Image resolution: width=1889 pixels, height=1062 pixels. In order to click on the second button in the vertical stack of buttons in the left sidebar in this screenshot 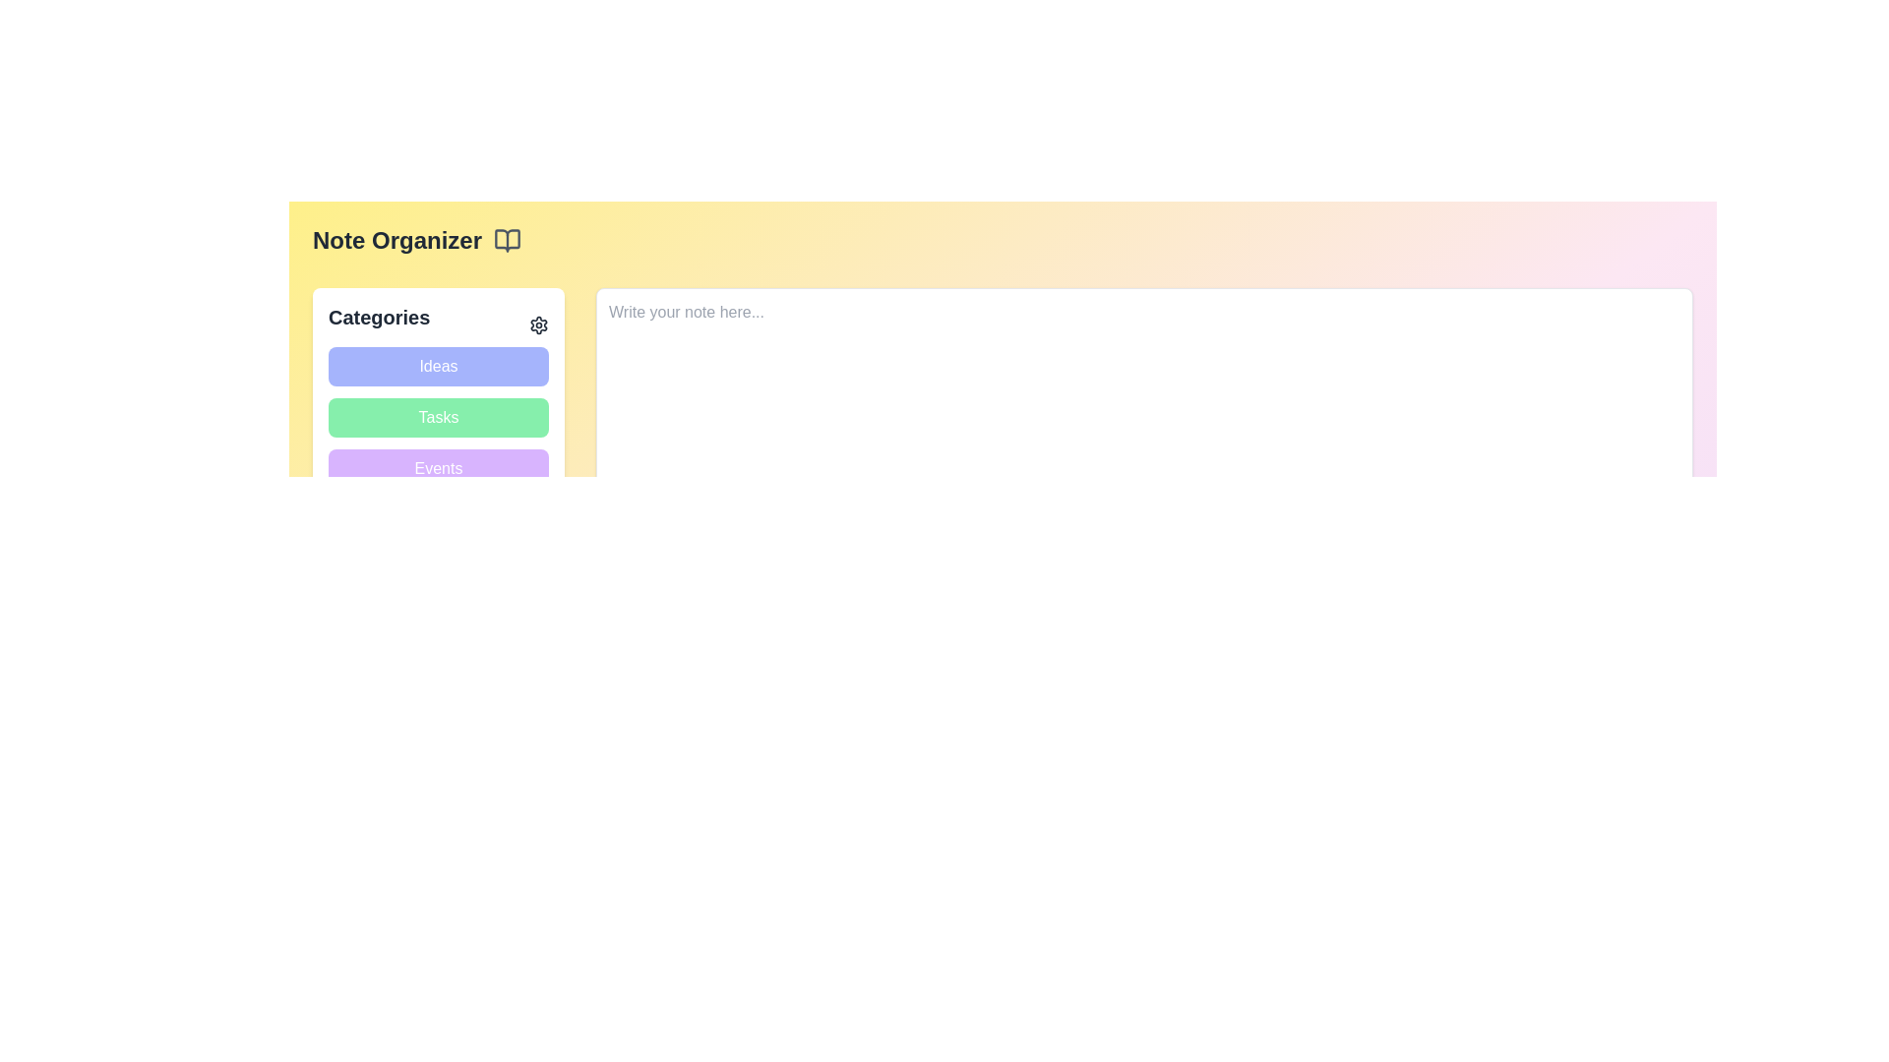, I will do `click(438, 416)`.